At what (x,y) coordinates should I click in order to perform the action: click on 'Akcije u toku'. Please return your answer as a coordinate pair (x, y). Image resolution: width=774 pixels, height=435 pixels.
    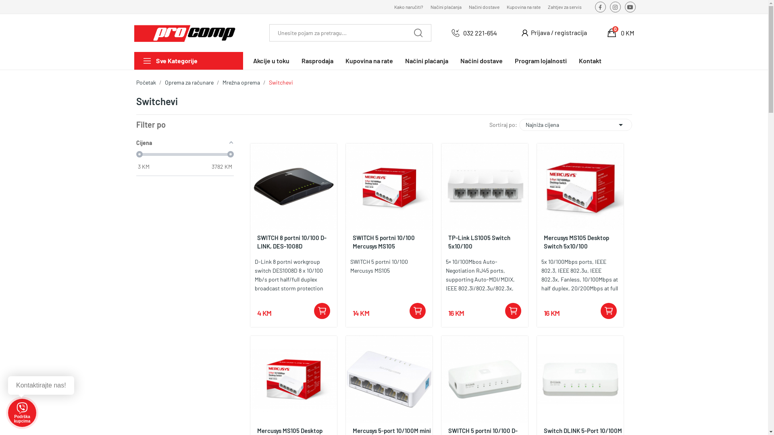
    Looking at the image, I should click on (271, 60).